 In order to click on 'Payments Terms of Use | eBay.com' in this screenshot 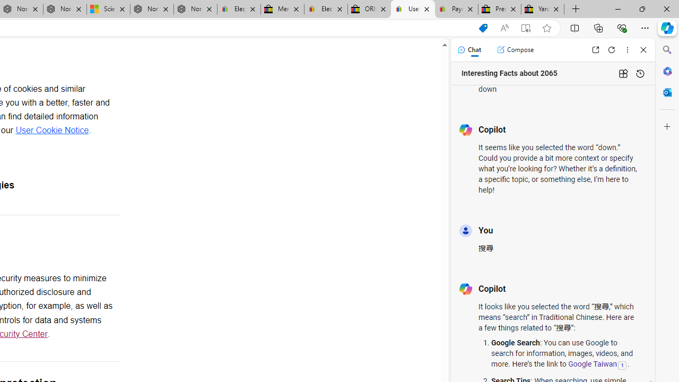, I will do `click(456, 9)`.